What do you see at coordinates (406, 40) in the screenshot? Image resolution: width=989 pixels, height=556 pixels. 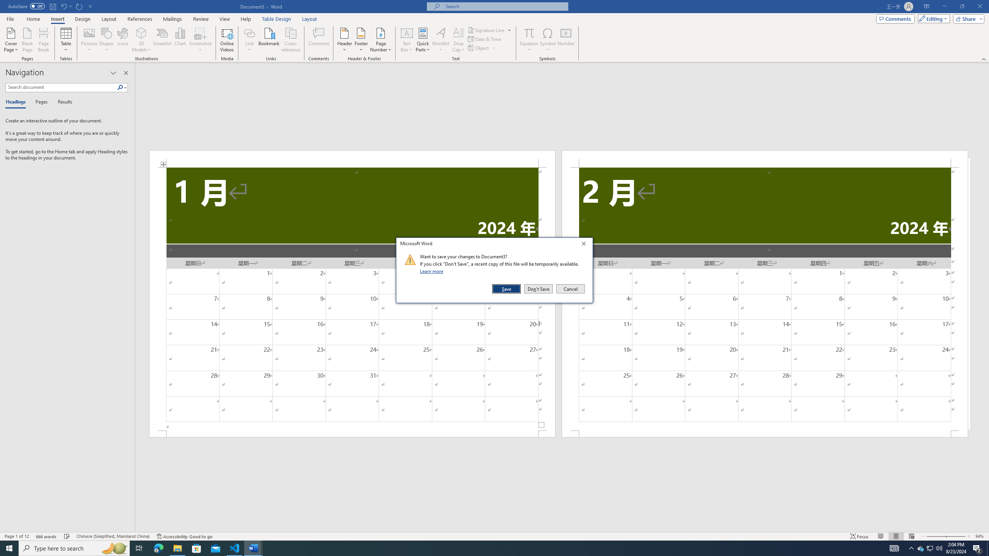 I see `'Text Box'` at bounding box center [406, 40].